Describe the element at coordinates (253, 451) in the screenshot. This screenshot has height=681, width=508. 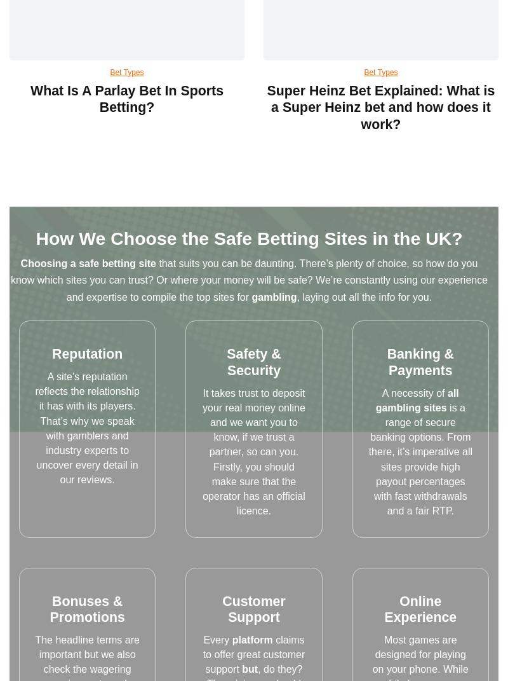
I see `'It takes trust to deposit your real money online and we want you to know, if we trust a partner, so can you. Firstly, you should make sure that the operator has an official licence.'` at that location.